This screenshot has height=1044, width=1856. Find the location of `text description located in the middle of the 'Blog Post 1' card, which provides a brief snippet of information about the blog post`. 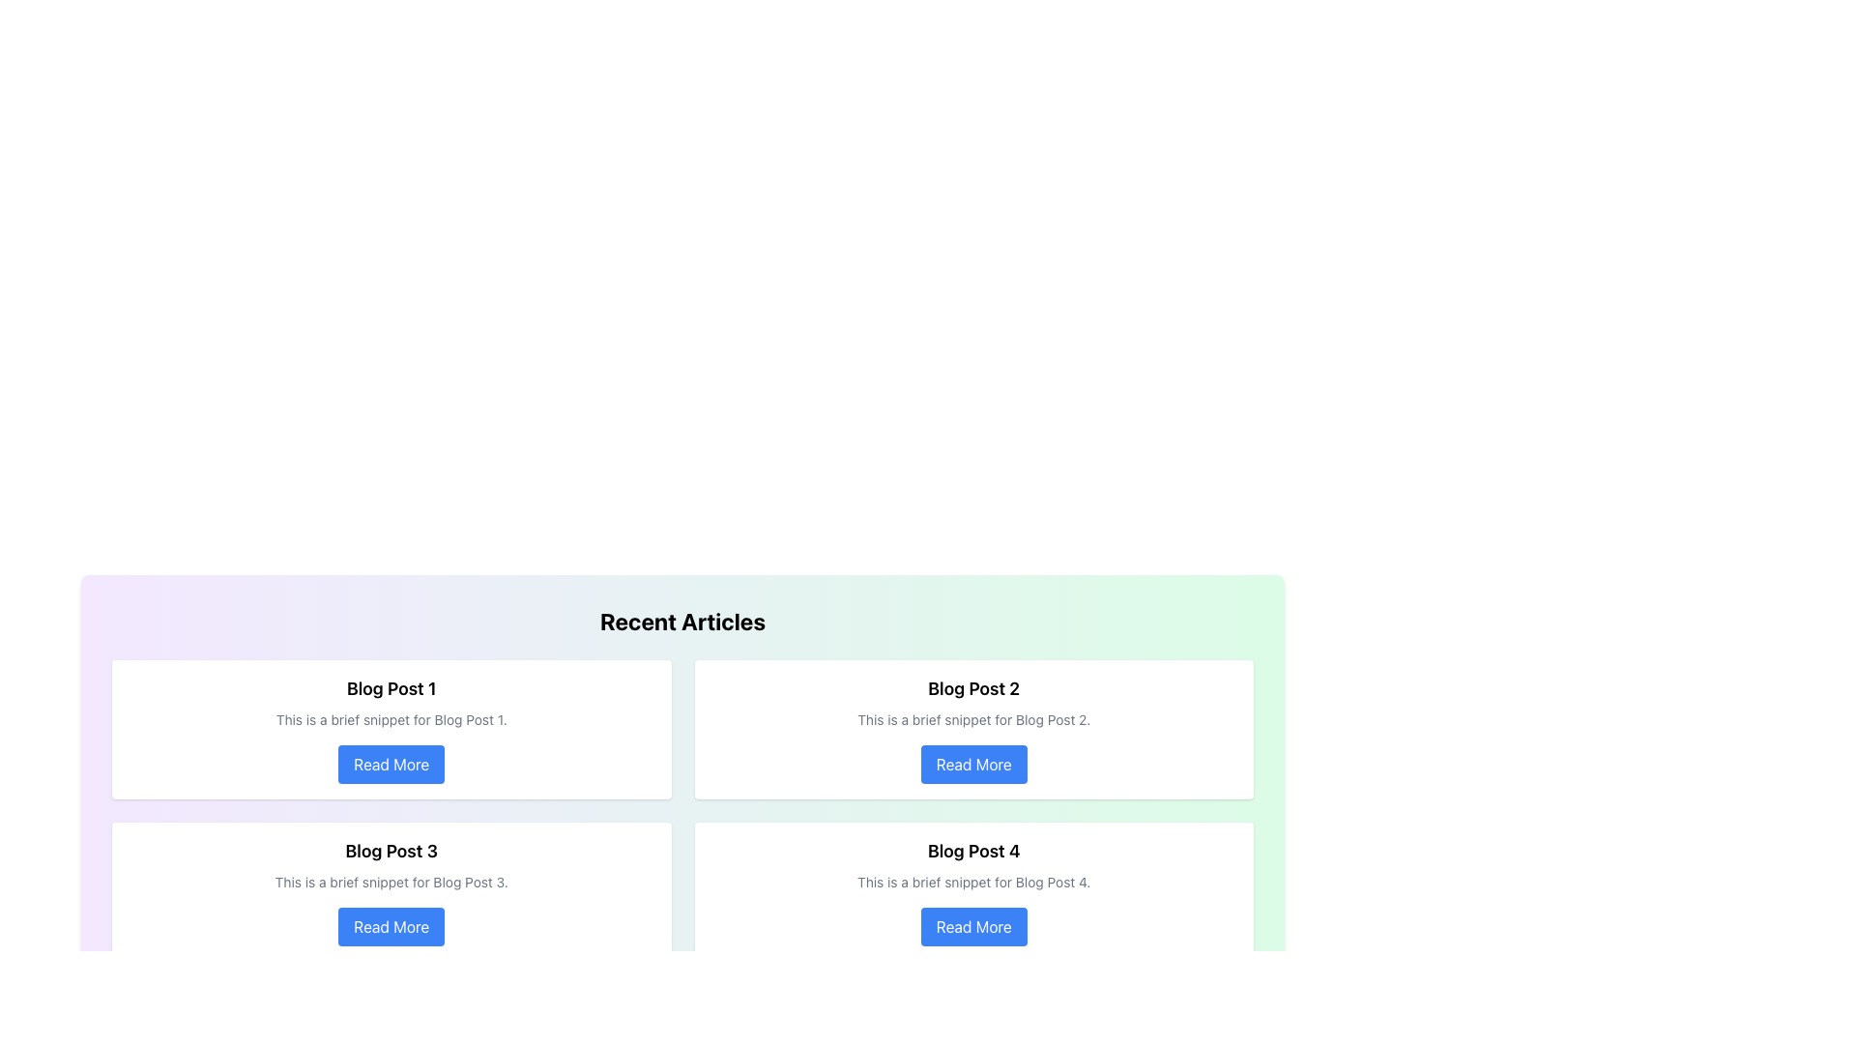

text description located in the middle of the 'Blog Post 1' card, which provides a brief snippet of information about the blog post is located at coordinates (391, 719).